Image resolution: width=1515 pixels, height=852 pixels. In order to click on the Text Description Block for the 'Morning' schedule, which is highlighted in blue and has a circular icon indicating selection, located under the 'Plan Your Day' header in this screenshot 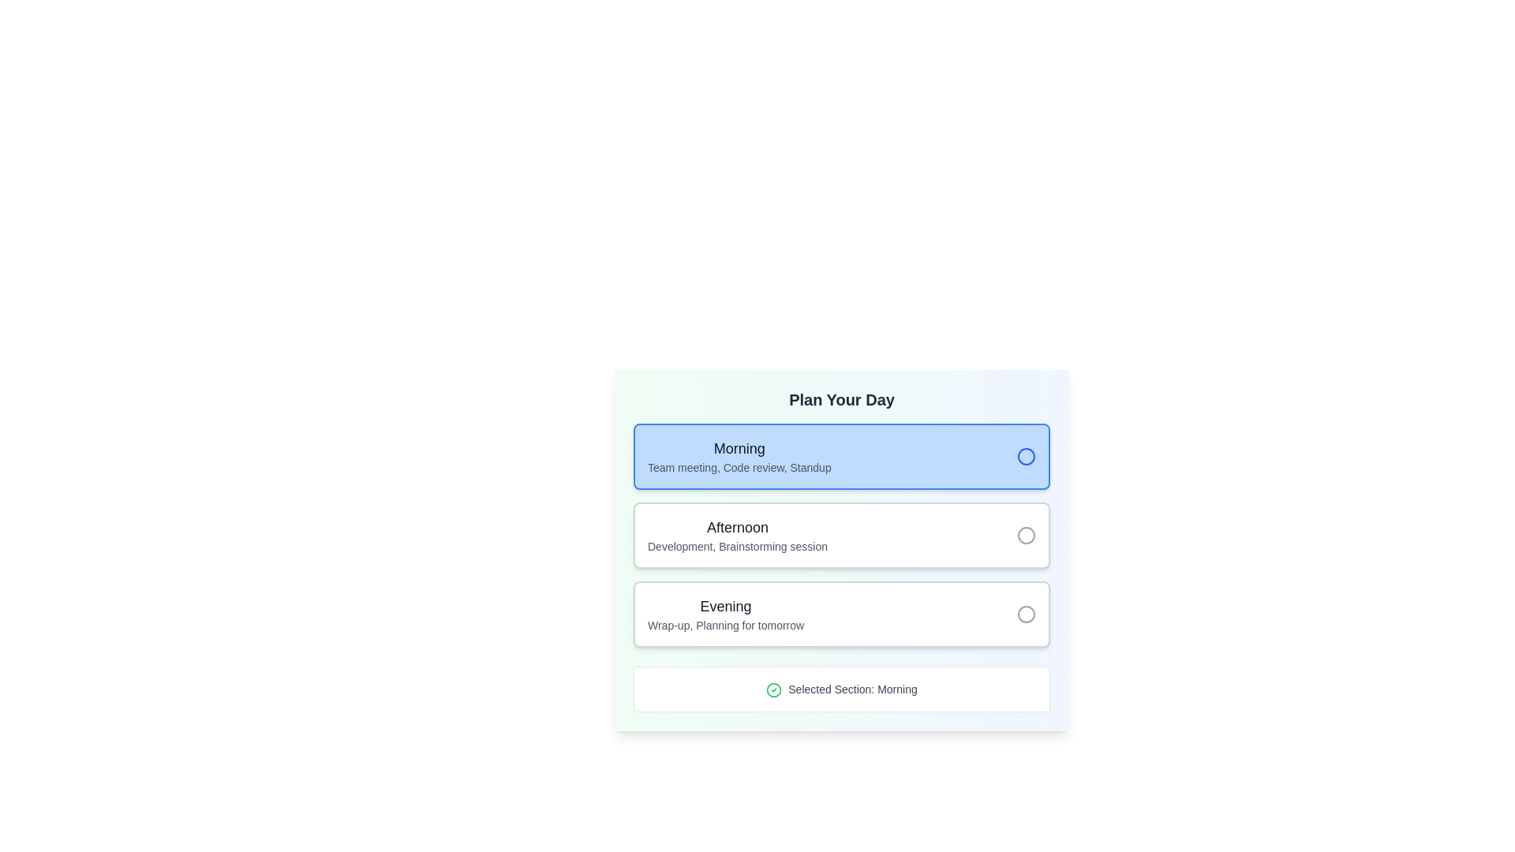, I will do `click(739, 456)`.